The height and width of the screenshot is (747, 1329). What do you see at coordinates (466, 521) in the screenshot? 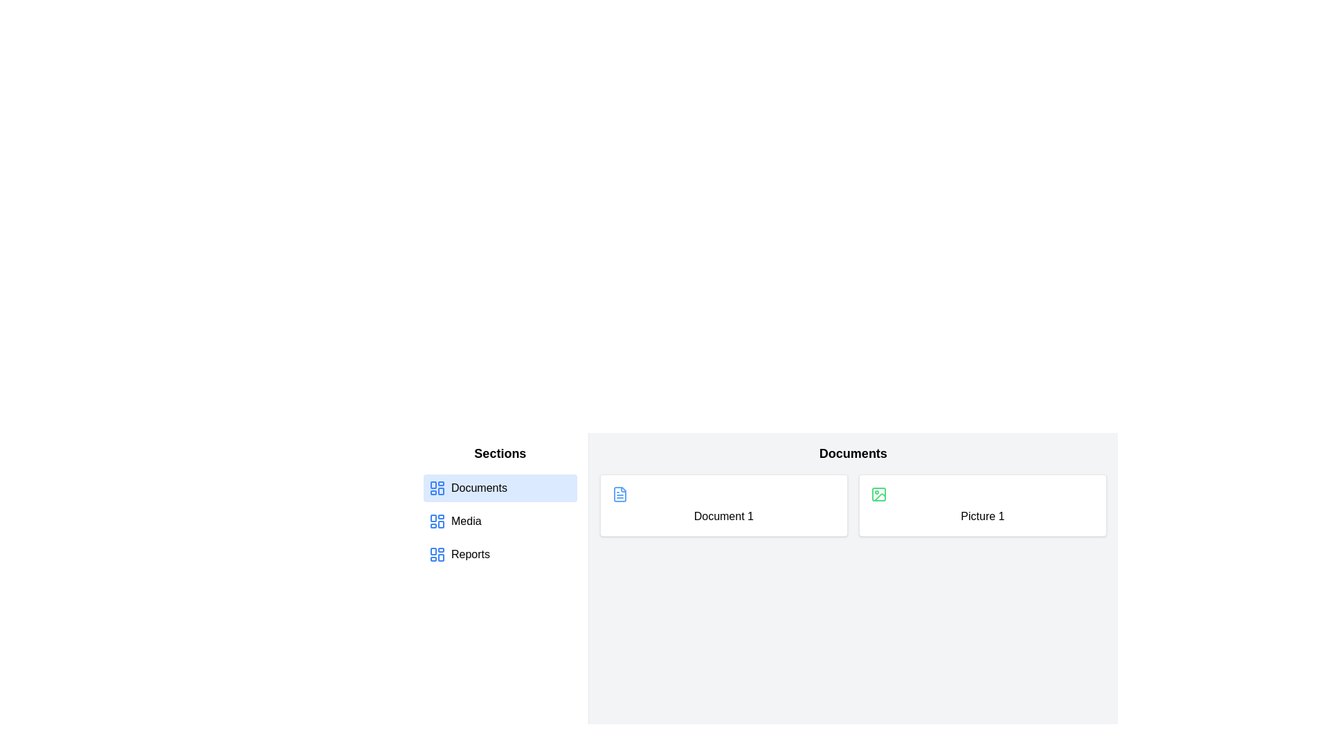
I see `the text label displaying 'Media' in the sidebar menu` at bounding box center [466, 521].